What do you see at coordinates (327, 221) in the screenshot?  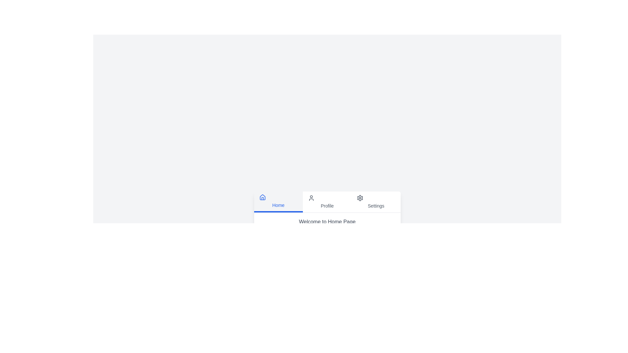 I see `the content displayed for the currently selected tab` at bounding box center [327, 221].